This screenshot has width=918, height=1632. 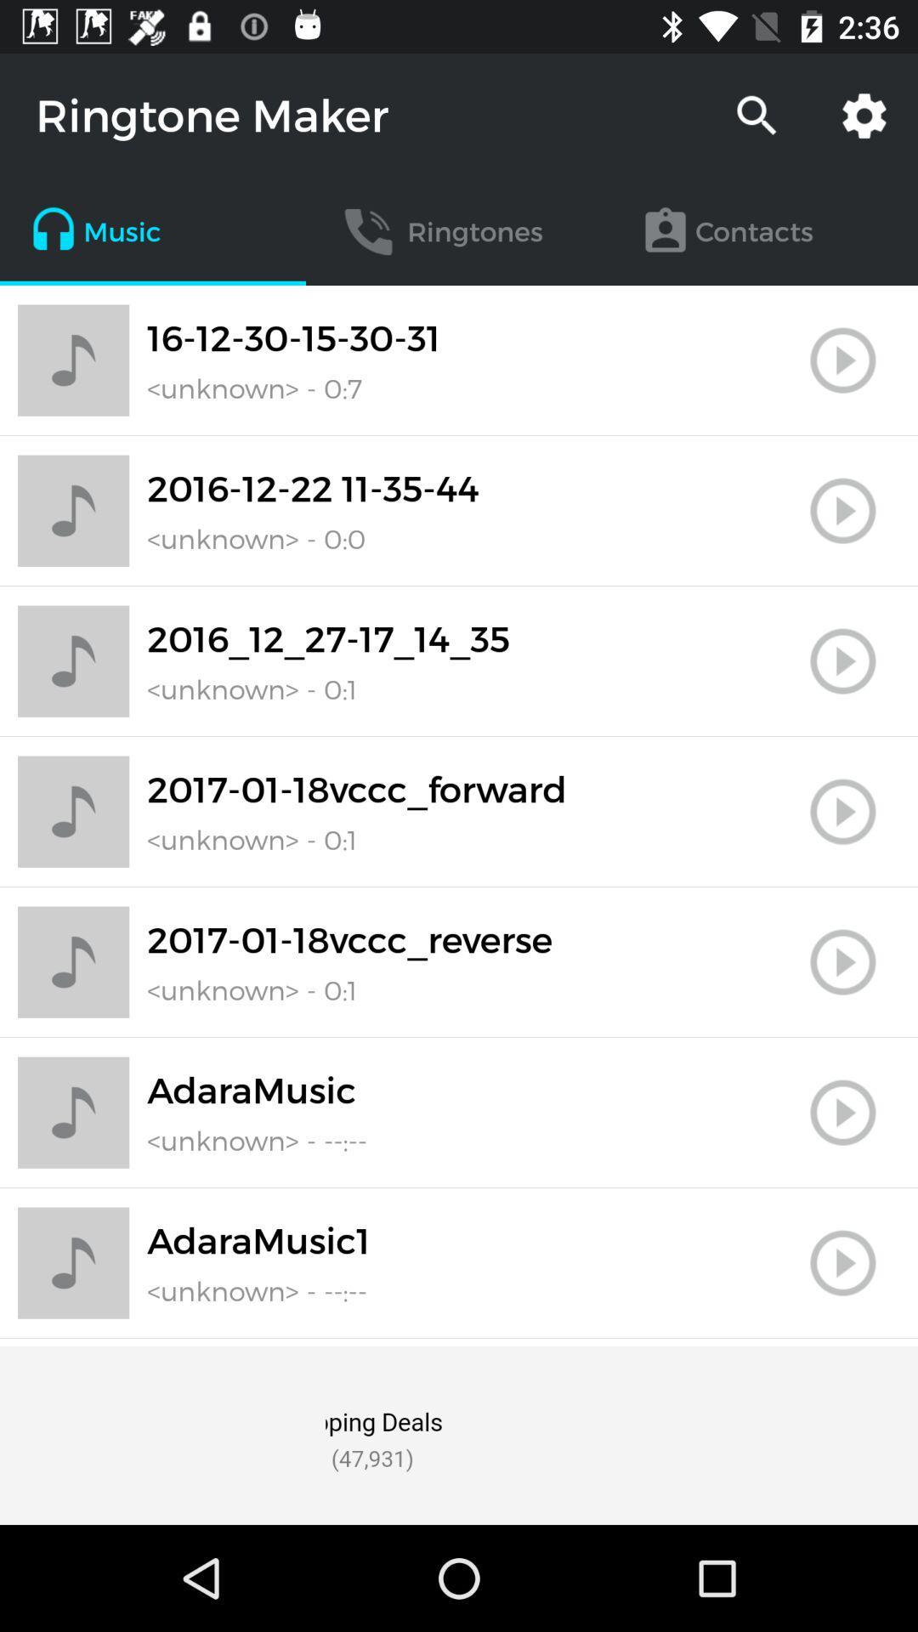 What do you see at coordinates (842, 360) in the screenshot?
I see `ringtone` at bounding box center [842, 360].